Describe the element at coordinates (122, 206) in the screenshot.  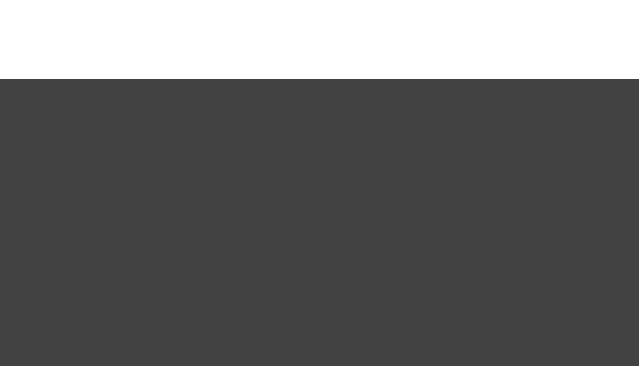
I see `'Hydrafacial Personalised Platinum'` at that location.